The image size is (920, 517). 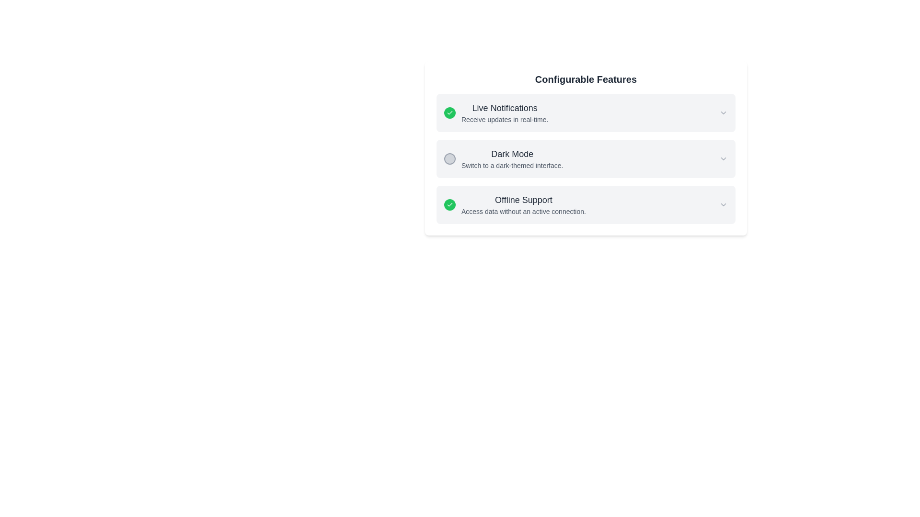 What do you see at coordinates (504, 112) in the screenshot?
I see `'Live Notifications' text label, which is positioned to the right of a circular green icon with a white checkmark, indicating an active state` at bounding box center [504, 112].